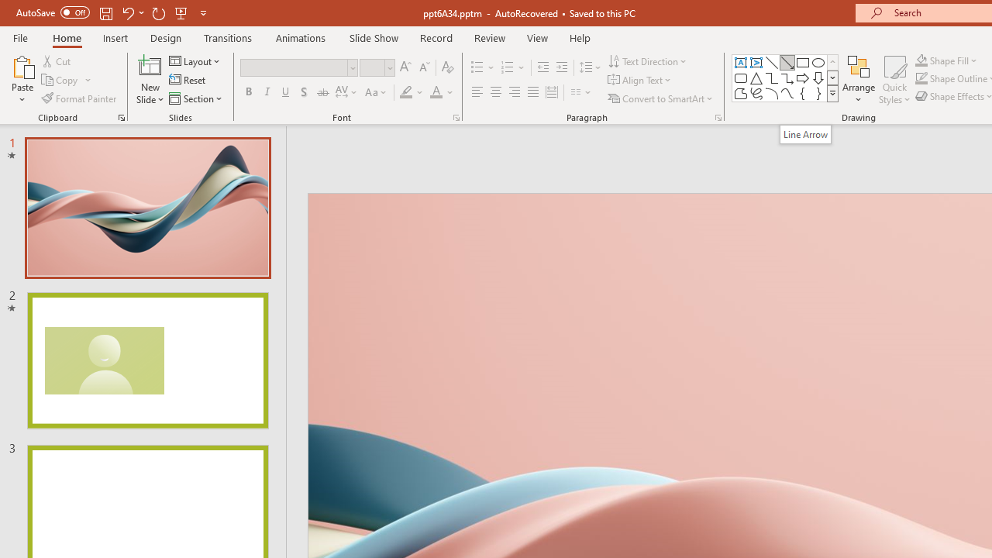 The image size is (992, 558). Describe the element at coordinates (771, 77) in the screenshot. I see `'Connector: Elbow'` at that location.